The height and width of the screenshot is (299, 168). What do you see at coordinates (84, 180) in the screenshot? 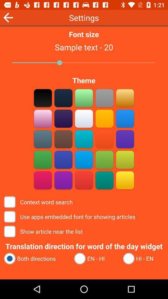
I see `color` at bounding box center [84, 180].